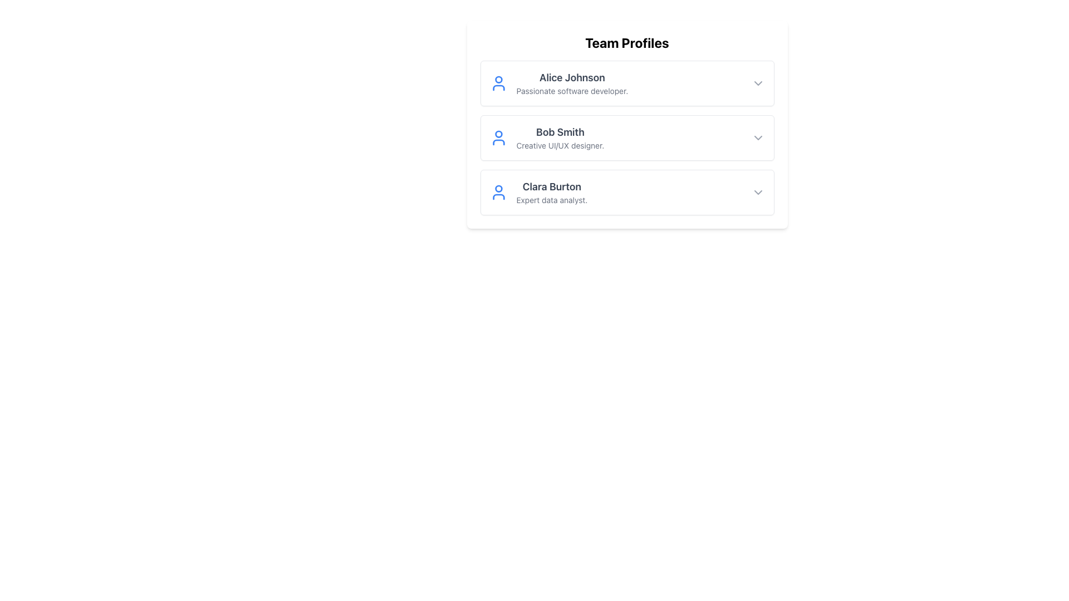  What do you see at coordinates (627, 137) in the screenshot?
I see `the Profile overview card for 'Bob Smith', which features their name in bold and a subtitle as 'Creative UI/UX designer'` at bounding box center [627, 137].